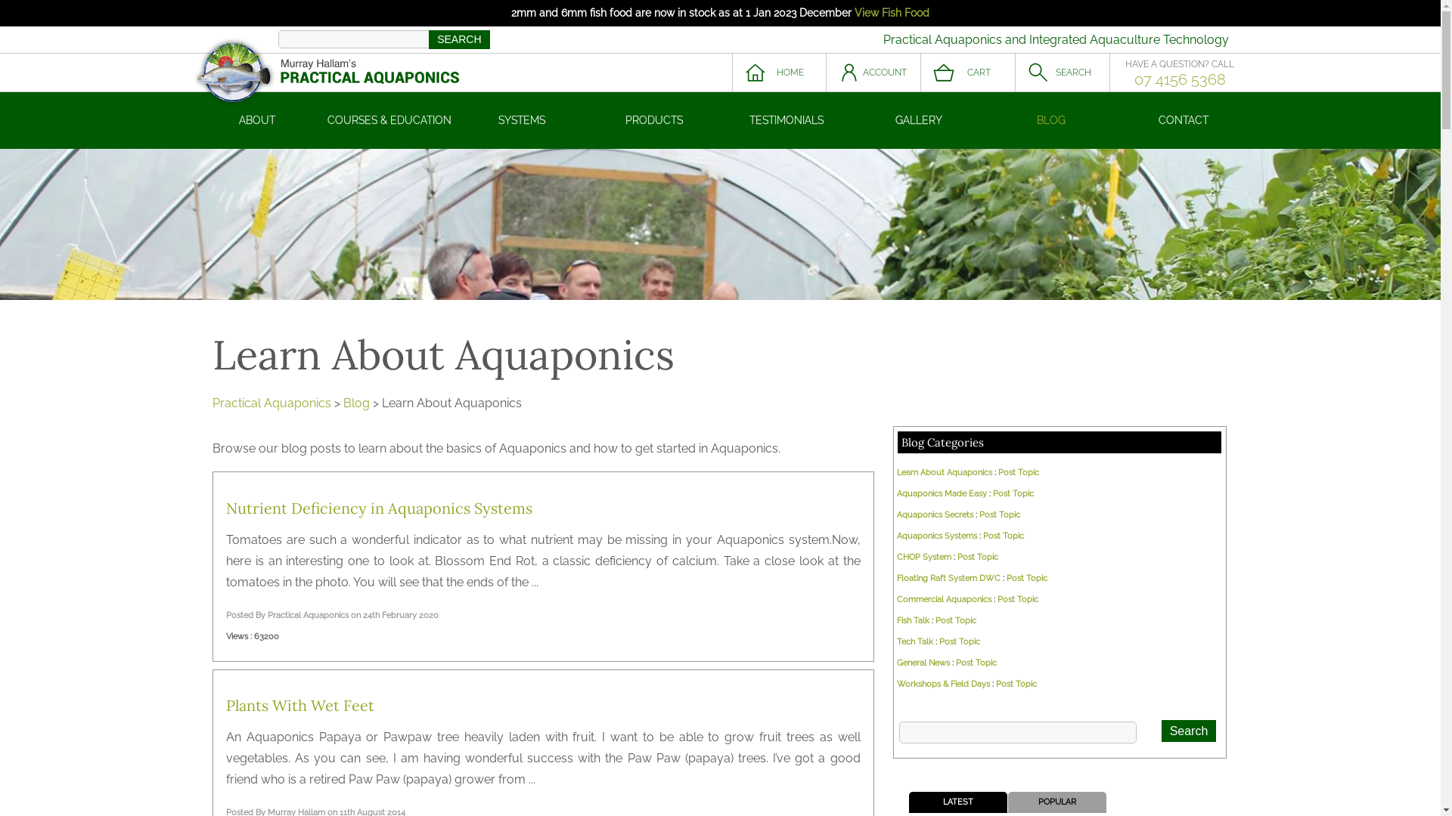 The image size is (1452, 816). I want to click on 'Post Topic', so click(977, 557).